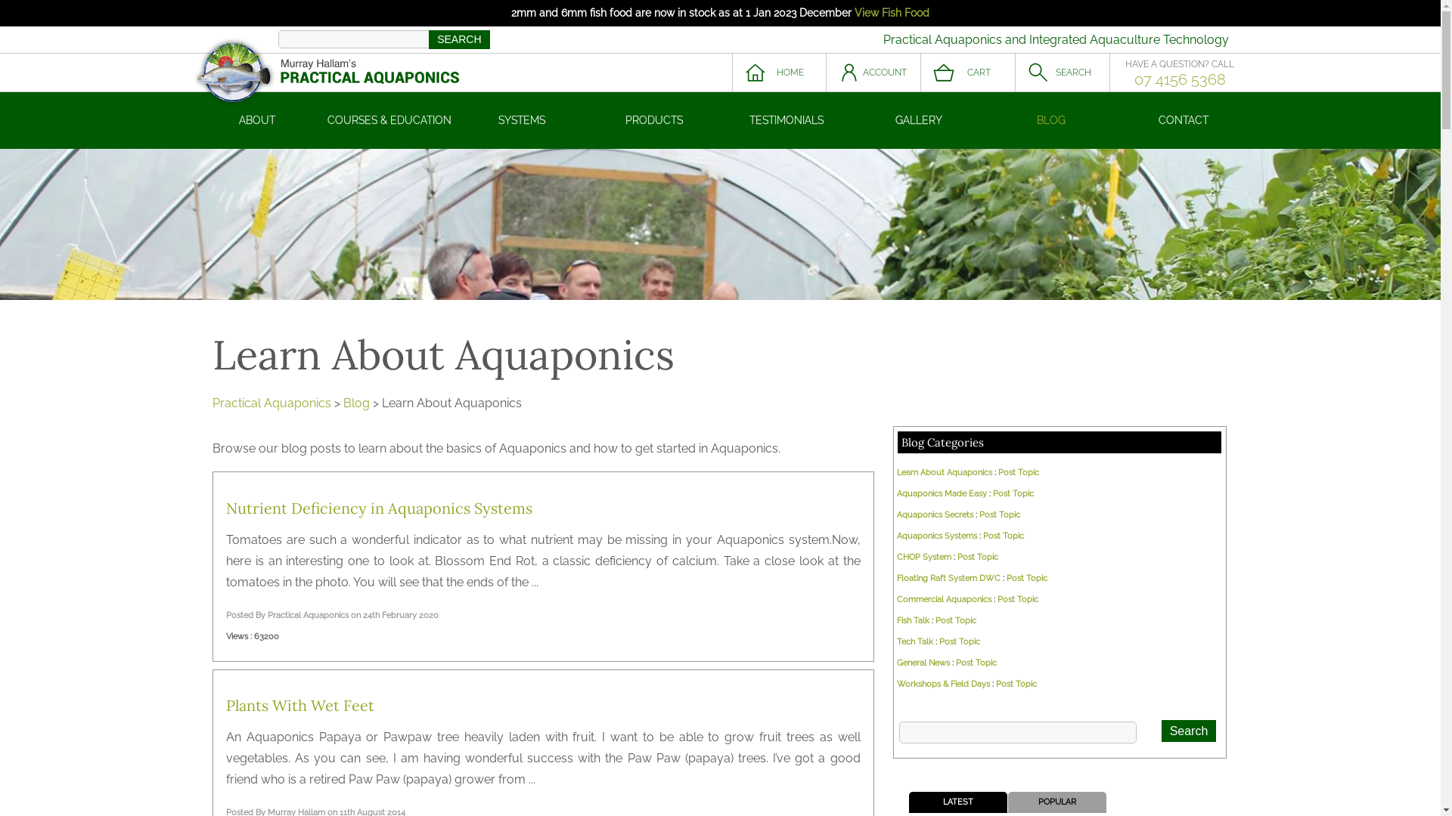 The image size is (1452, 816). I want to click on 'Post Topic', so click(977, 557).